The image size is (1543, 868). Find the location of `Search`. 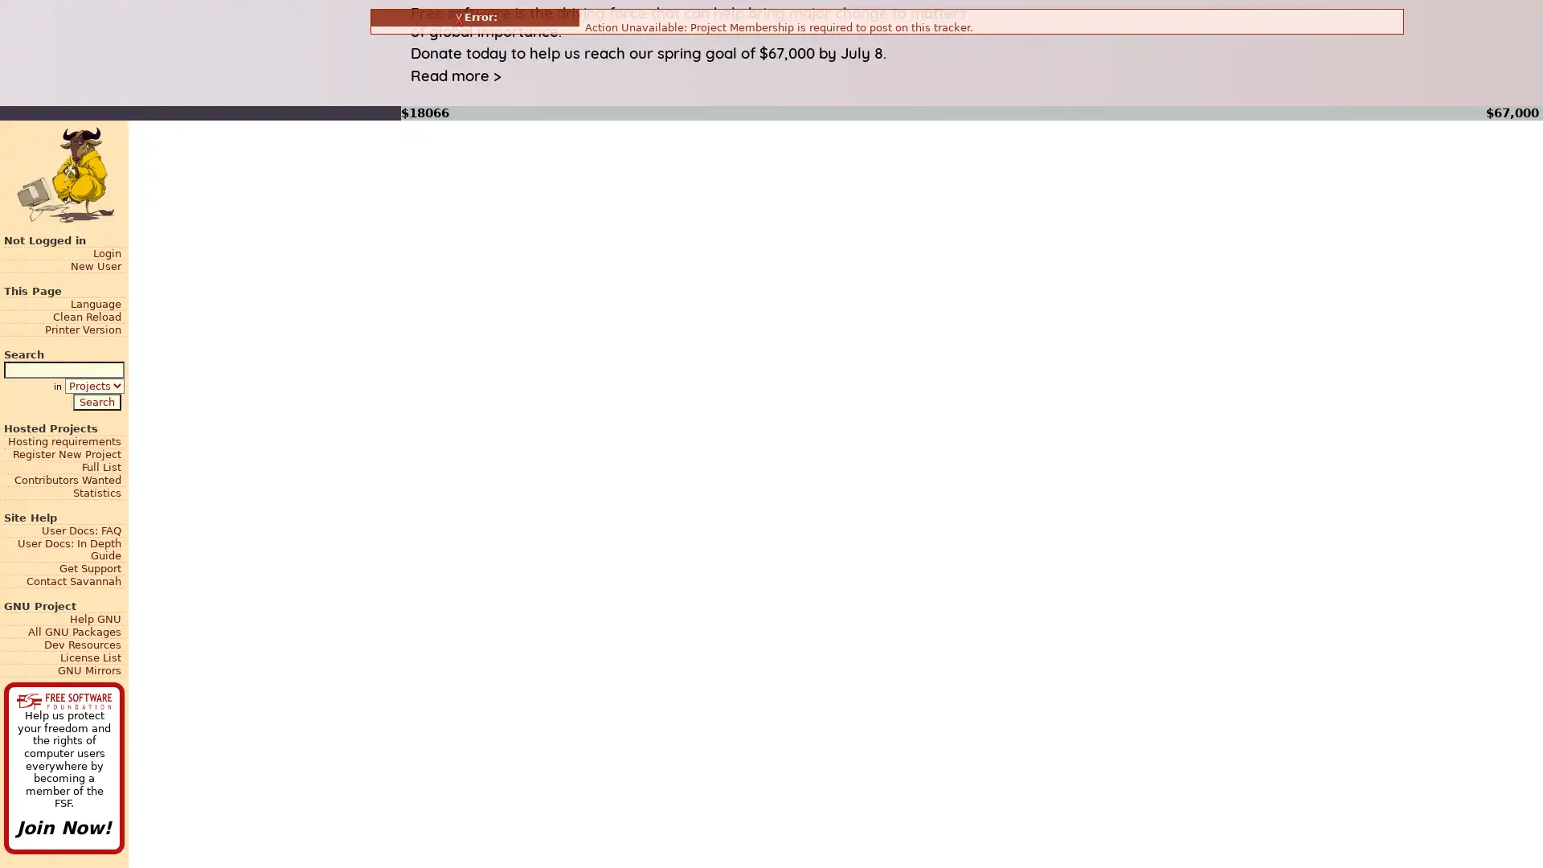

Search is located at coordinates (96, 400).